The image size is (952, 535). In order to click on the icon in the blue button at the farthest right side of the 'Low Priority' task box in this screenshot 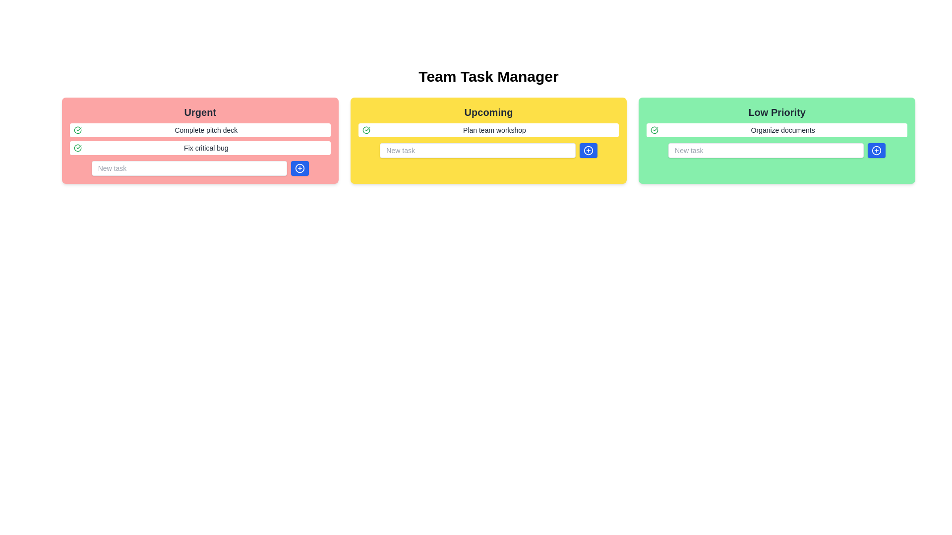, I will do `click(877, 151)`.